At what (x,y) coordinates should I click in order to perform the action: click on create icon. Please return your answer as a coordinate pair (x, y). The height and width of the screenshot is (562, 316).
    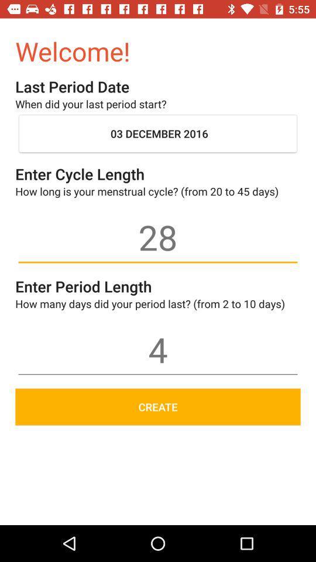
    Looking at the image, I should click on (158, 407).